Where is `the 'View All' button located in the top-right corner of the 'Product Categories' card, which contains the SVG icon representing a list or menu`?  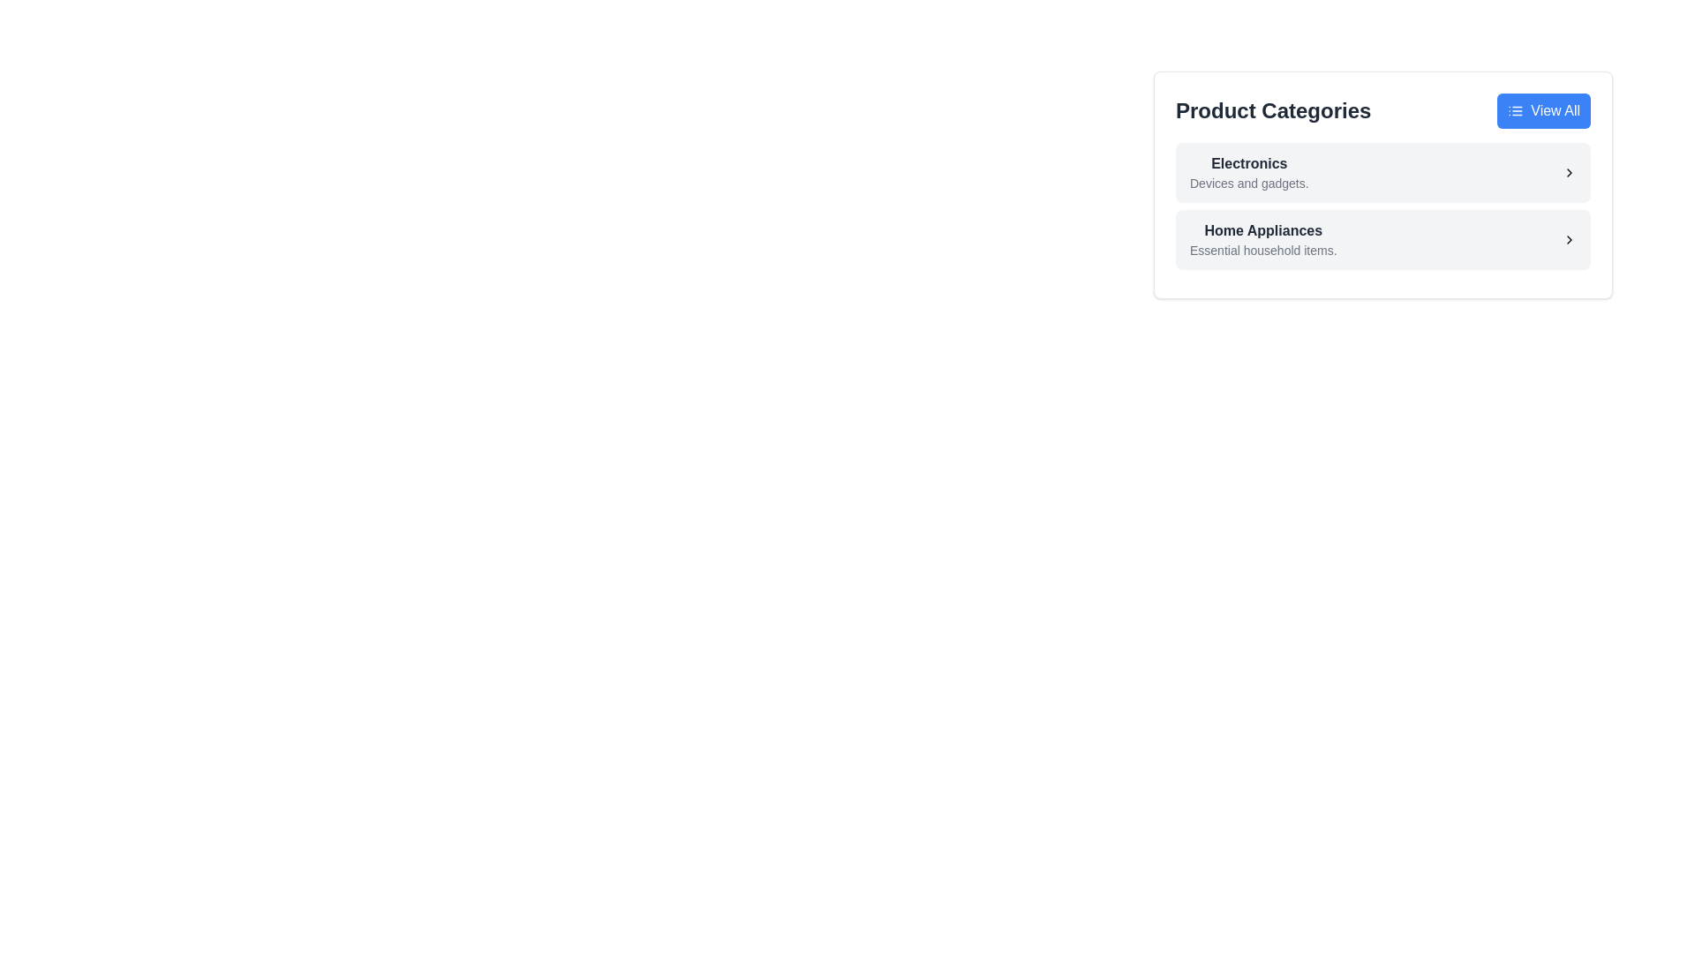 the 'View All' button located in the top-right corner of the 'Product Categories' card, which contains the SVG icon representing a list or menu is located at coordinates (1515, 111).